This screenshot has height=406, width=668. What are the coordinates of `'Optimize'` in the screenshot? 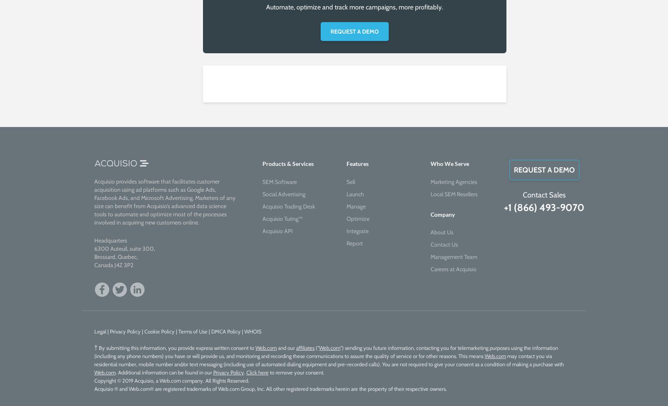 It's located at (358, 218).